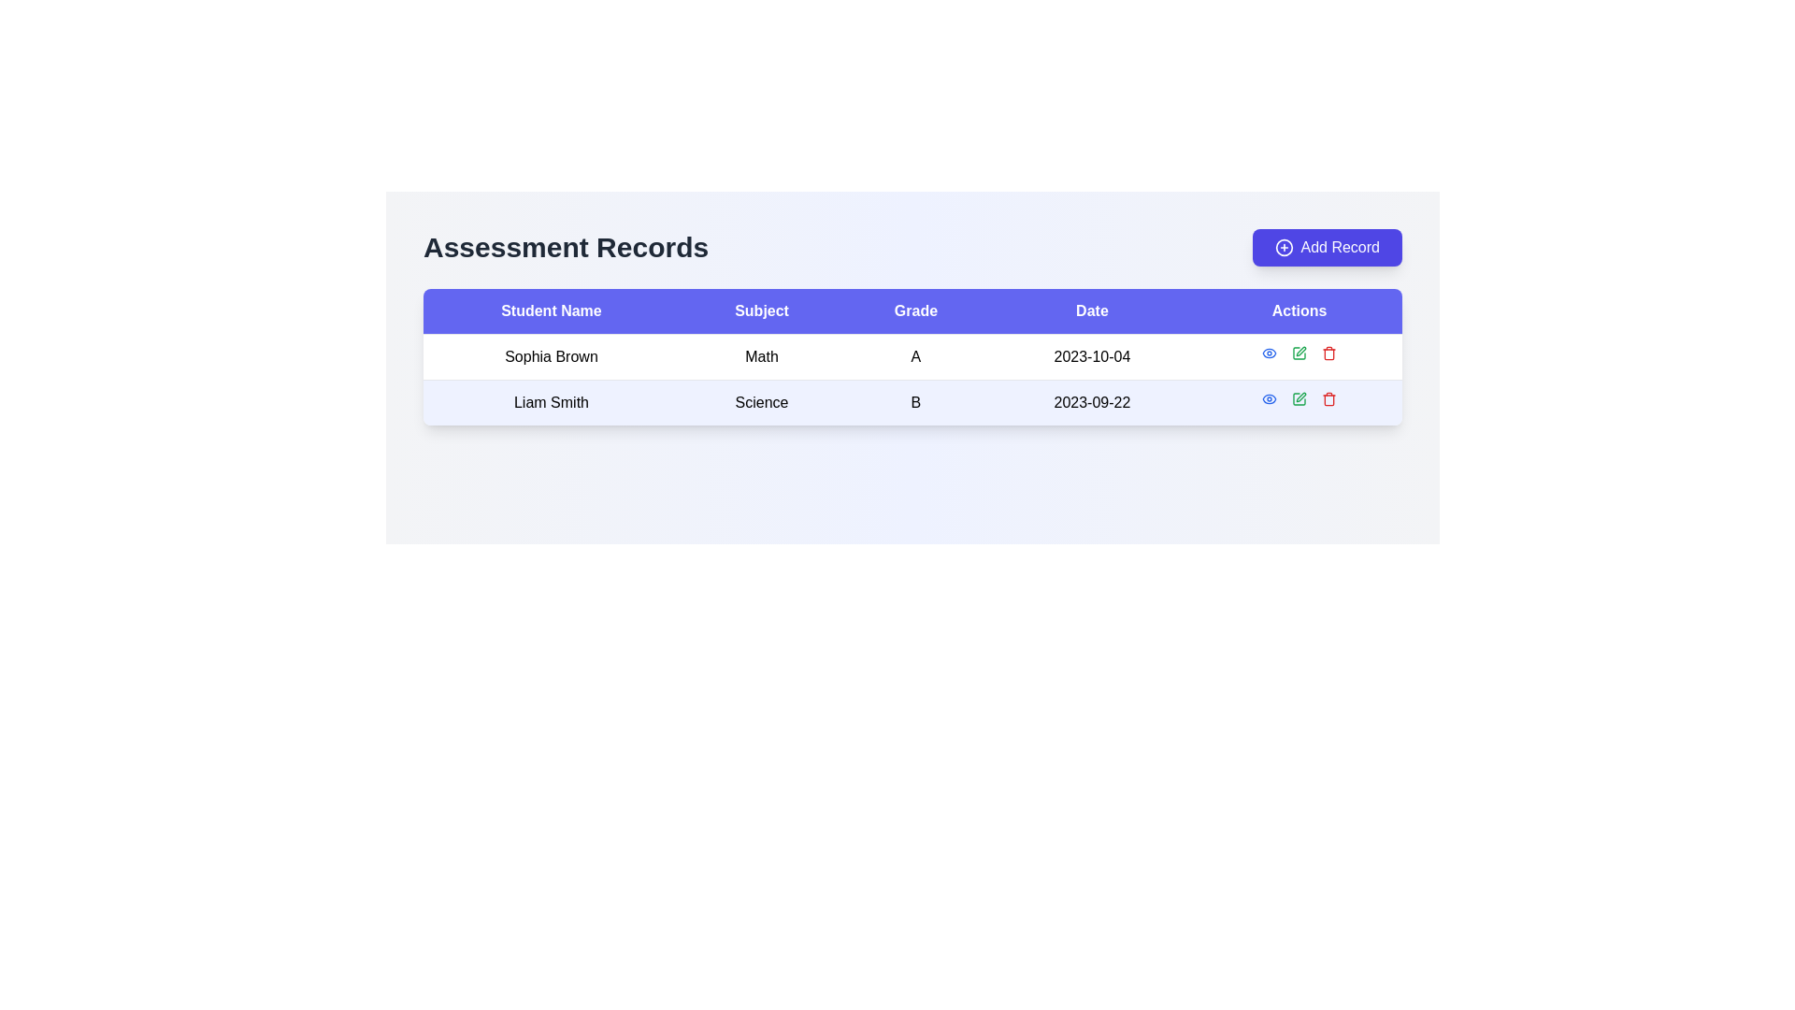  Describe the element at coordinates (1300, 351) in the screenshot. I see `the small pen or edit icon button located in the 'Actions' column of the second row` at that location.